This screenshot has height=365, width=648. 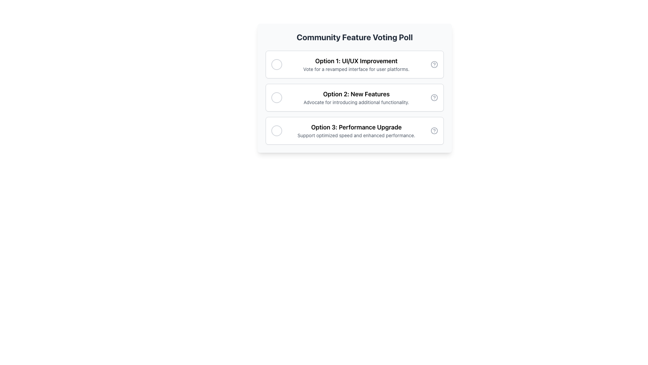 I want to click on the unselected Radio button for 'Option 1: UI/UX Improvement', so click(x=277, y=65).